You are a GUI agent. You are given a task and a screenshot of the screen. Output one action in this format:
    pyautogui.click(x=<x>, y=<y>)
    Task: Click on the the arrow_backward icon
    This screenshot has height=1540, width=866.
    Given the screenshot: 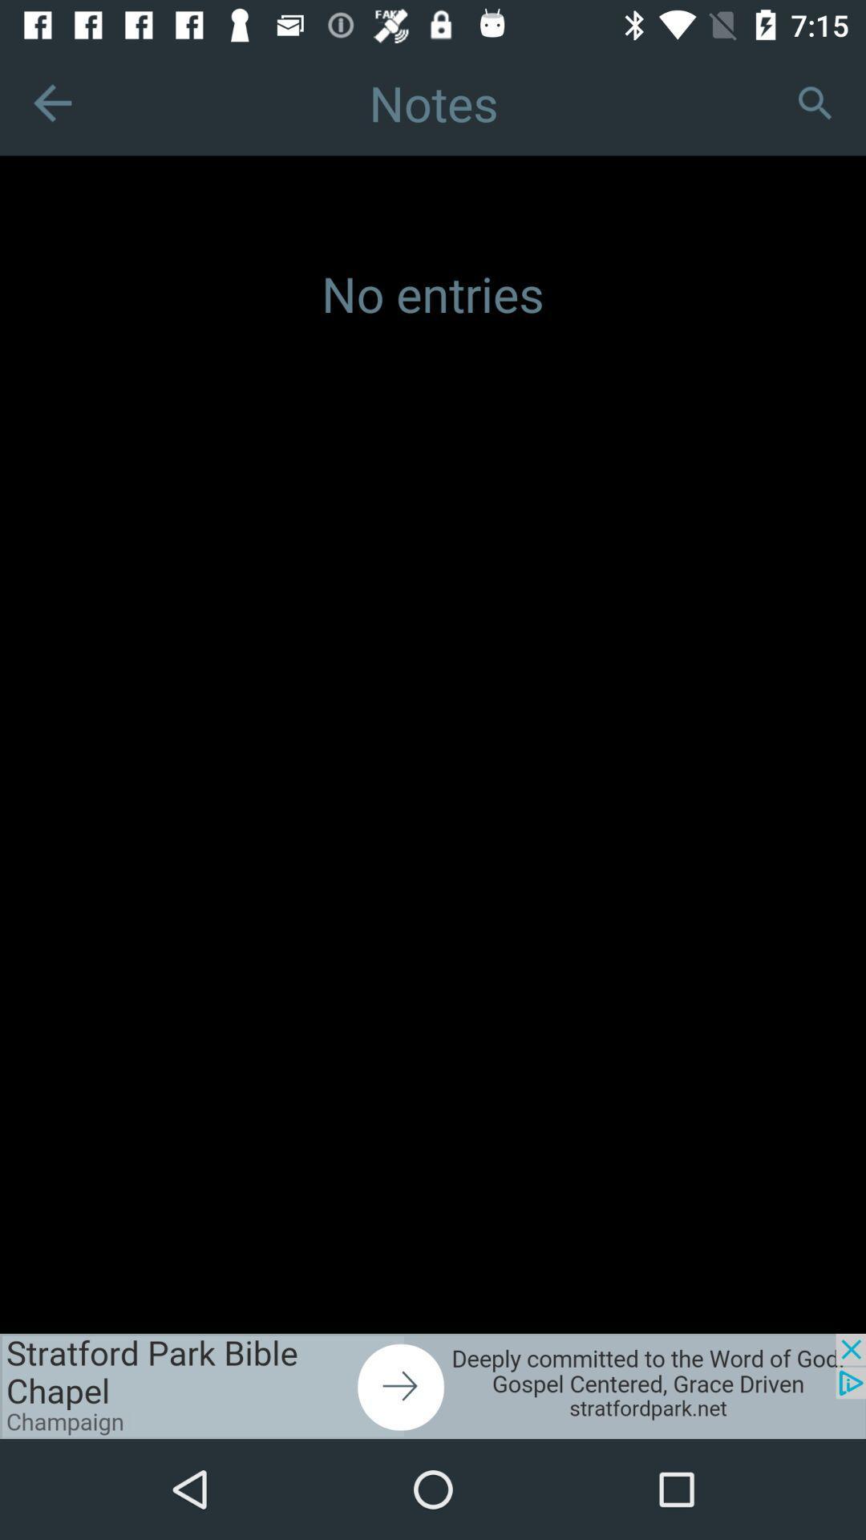 What is the action you would take?
    pyautogui.click(x=51, y=102)
    